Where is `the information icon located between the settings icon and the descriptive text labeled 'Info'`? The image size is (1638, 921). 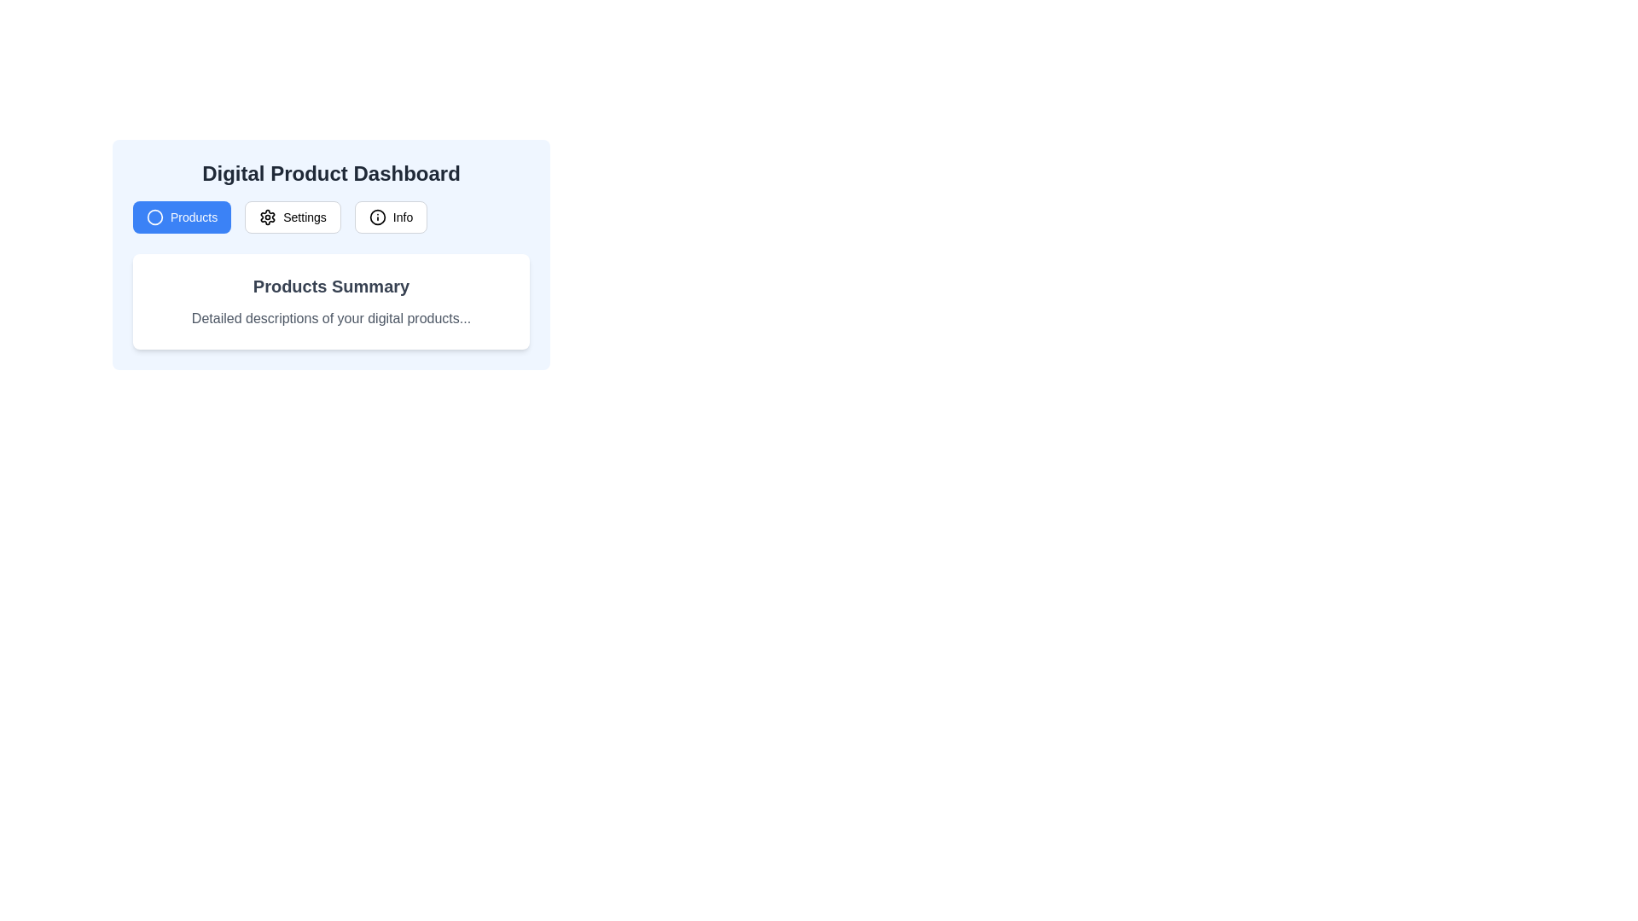
the information icon located between the settings icon and the descriptive text labeled 'Info' is located at coordinates (376, 216).